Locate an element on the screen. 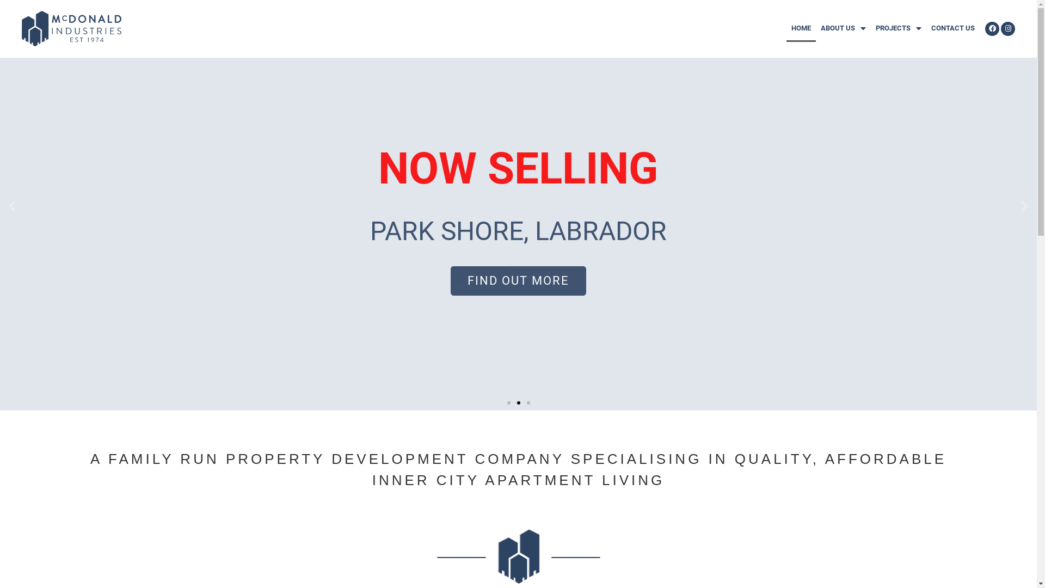  'ABOUT US' is located at coordinates (843, 28).